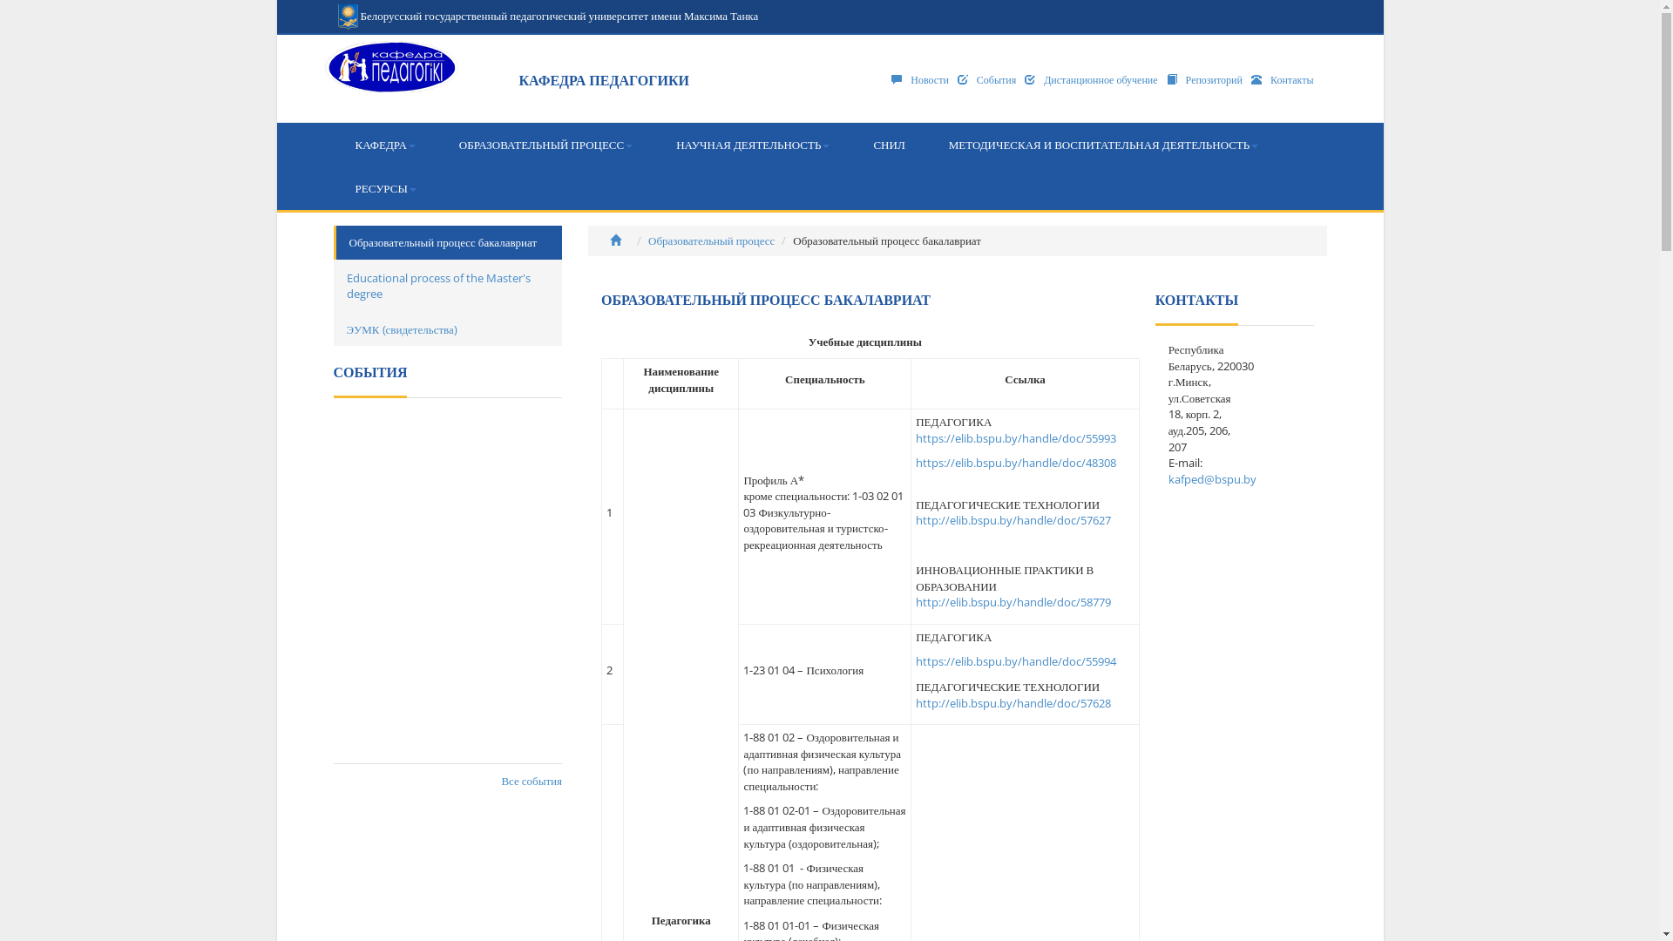 This screenshot has height=941, width=1673. I want to click on 'http://elib.bspu.by/handle/doc/57627', so click(1013, 519).